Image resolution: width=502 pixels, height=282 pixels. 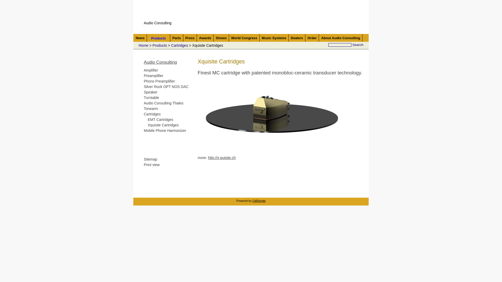 I want to click on 'Press', so click(x=190, y=38).